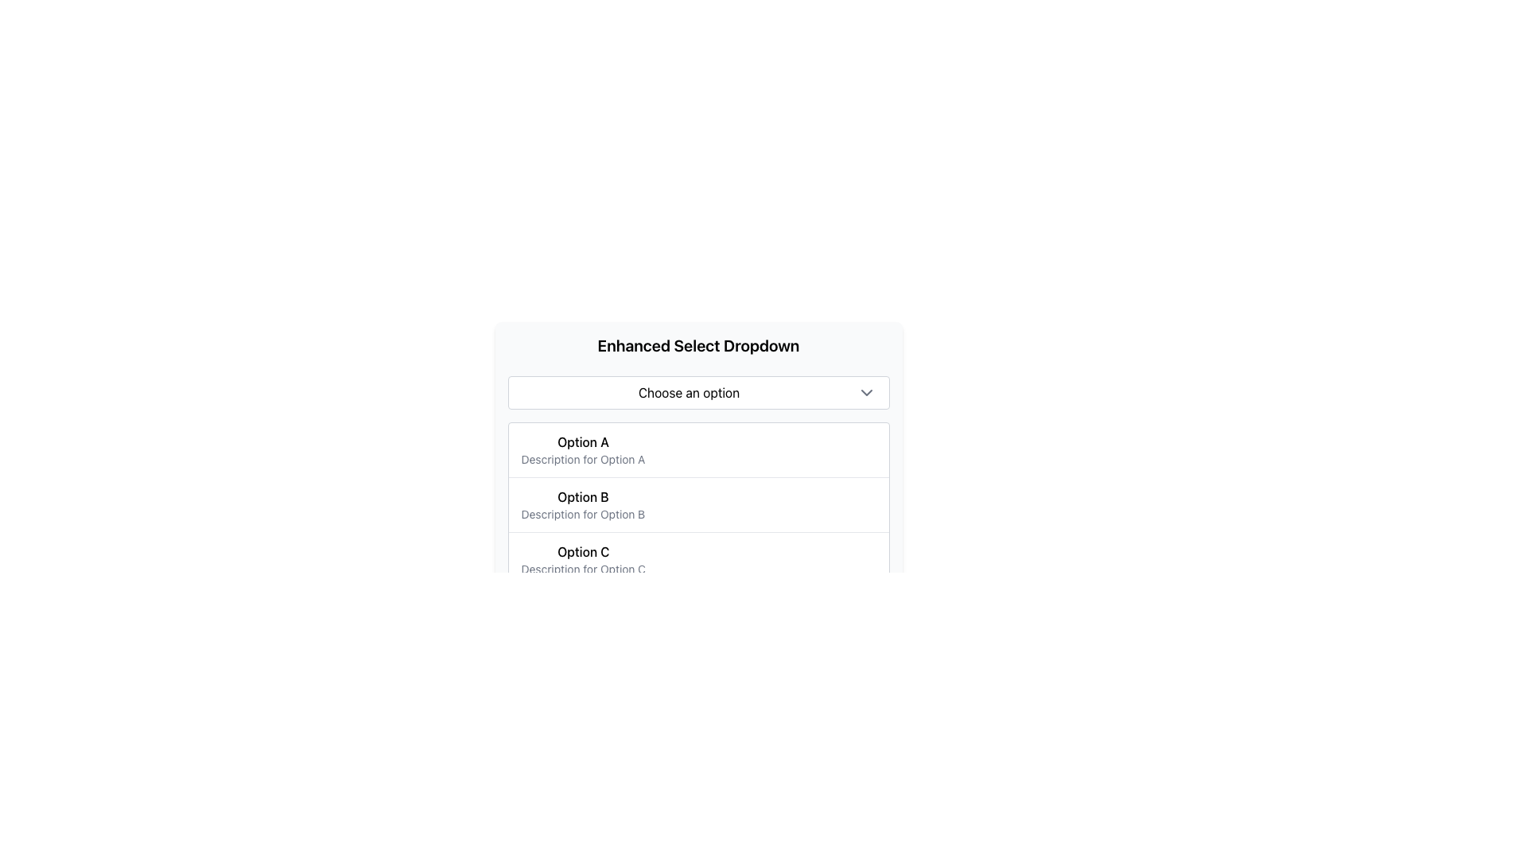 This screenshot has height=859, width=1527. Describe the element at coordinates (698, 558) in the screenshot. I see `the third option in the dropdown menu, which is 'Option C'` at that location.